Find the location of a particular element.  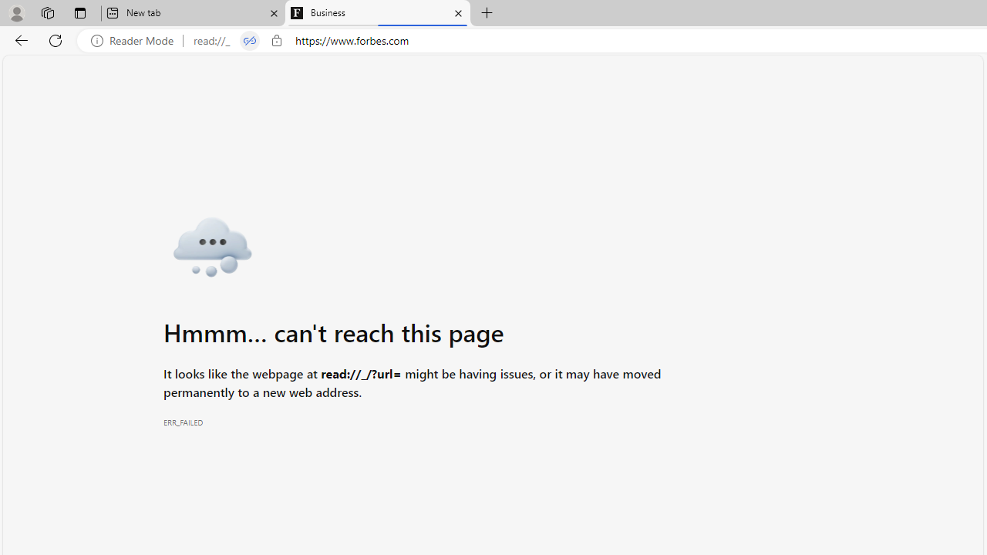

'Tabs in split screen' is located at coordinates (249, 40).